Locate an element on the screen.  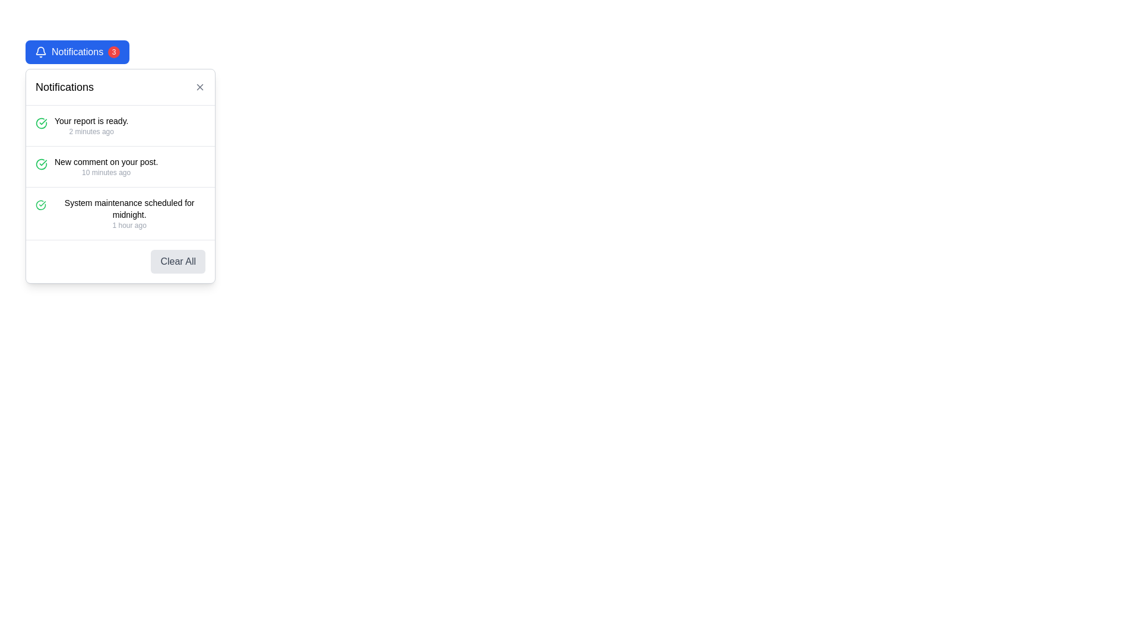
the success icon graphic represented within the first notification entry of the list is located at coordinates (42, 123).